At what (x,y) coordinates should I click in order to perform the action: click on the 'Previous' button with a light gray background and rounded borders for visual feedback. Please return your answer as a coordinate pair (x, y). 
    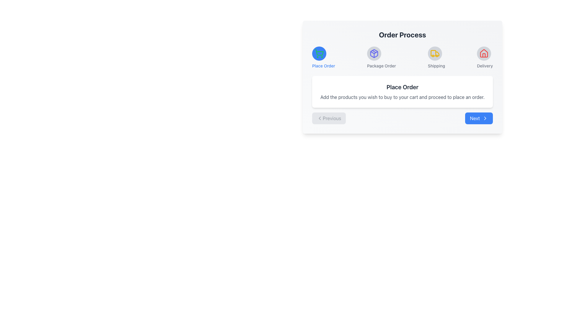
    Looking at the image, I should click on (329, 118).